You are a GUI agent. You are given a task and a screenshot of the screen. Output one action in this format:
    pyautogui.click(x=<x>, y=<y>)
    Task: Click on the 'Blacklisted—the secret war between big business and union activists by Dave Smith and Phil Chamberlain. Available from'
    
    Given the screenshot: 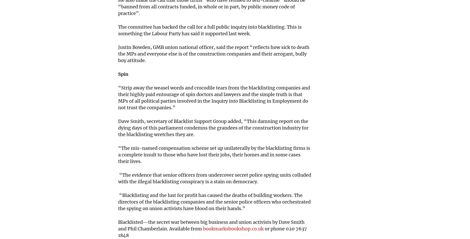 What is the action you would take?
    pyautogui.click(x=211, y=225)
    